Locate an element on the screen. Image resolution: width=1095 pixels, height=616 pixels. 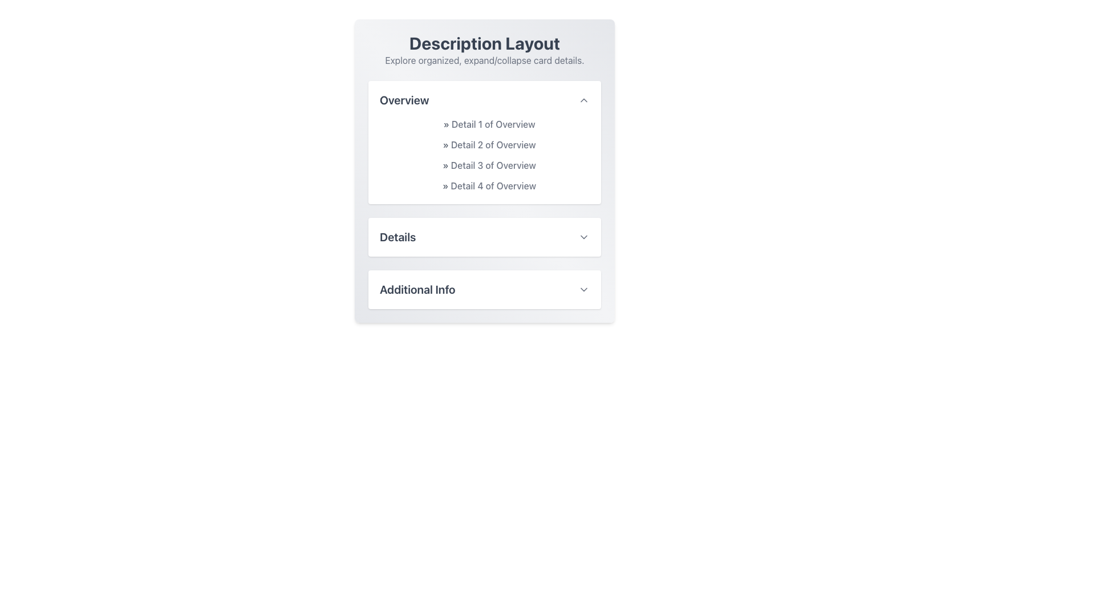
header text element located at the top center of the interface, which indicates the content's purpose is located at coordinates (484, 43).